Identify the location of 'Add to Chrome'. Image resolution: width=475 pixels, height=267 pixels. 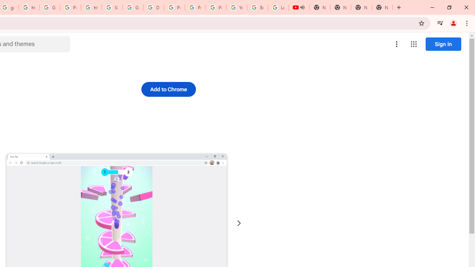
(168, 89).